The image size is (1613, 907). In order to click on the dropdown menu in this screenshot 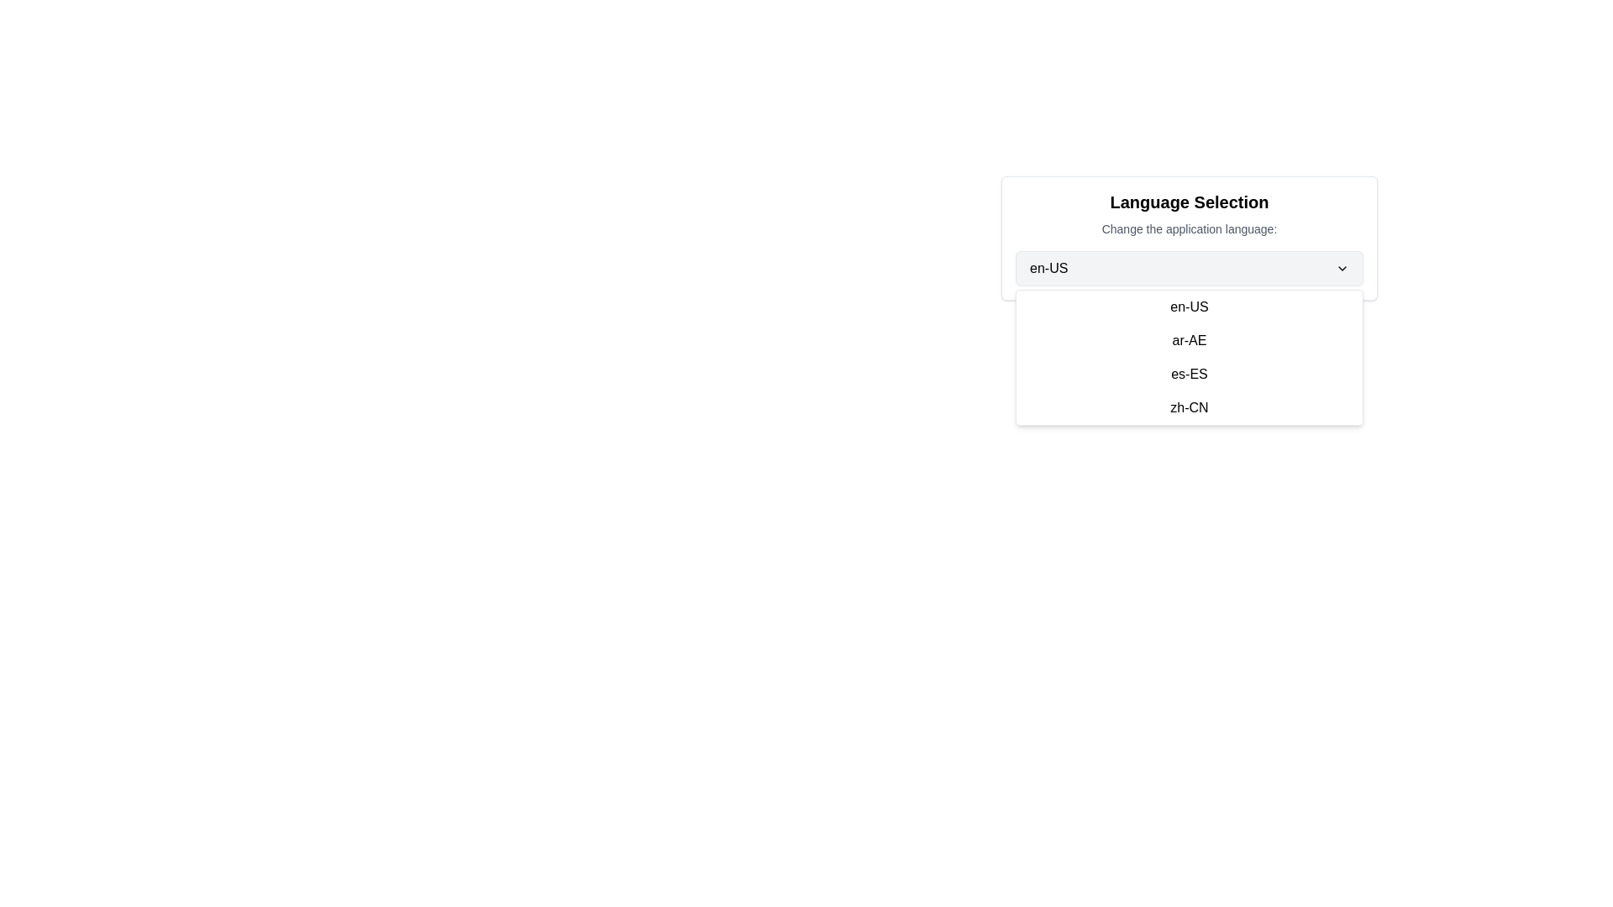, I will do `click(1189, 356)`.